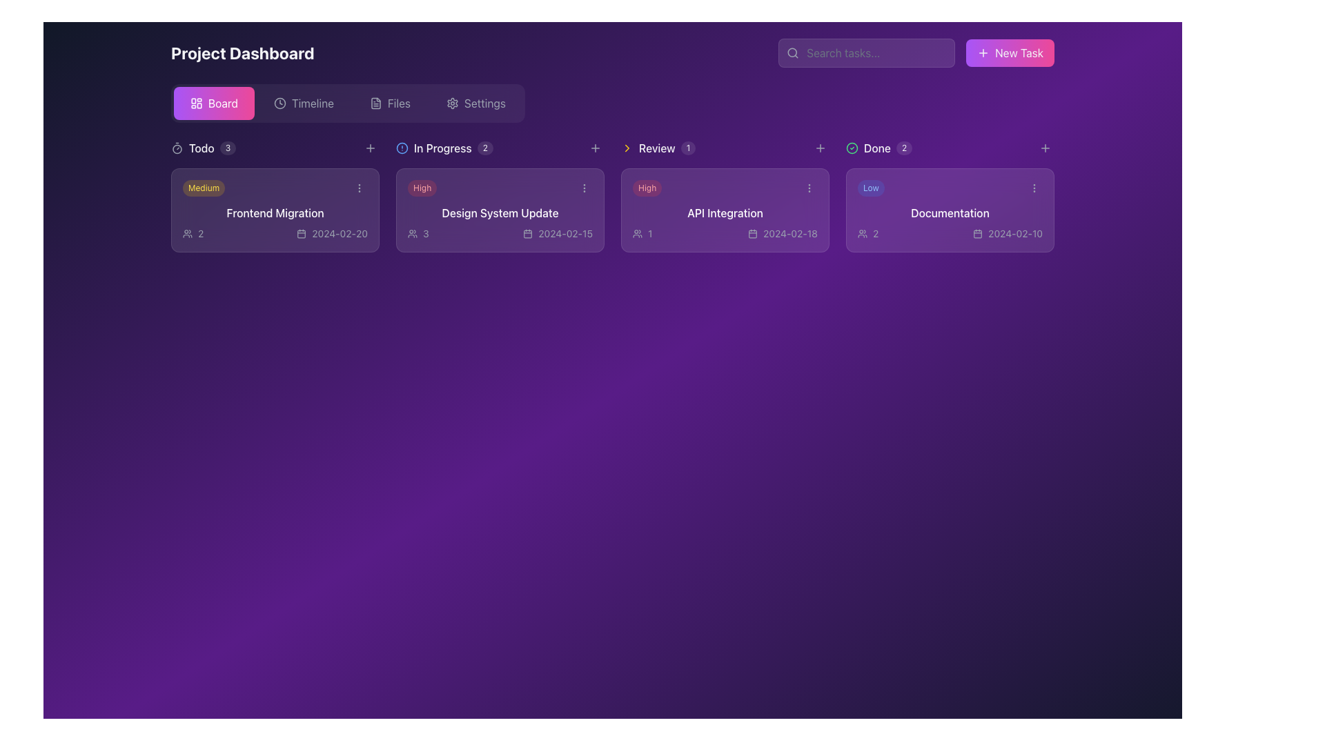 The image size is (1325, 745). Describe the element at coordinates (878, 148) in the screenshot. I see `the 'Done' label indicating the count of finished tasks, located under the 'Done' column header` at that location.